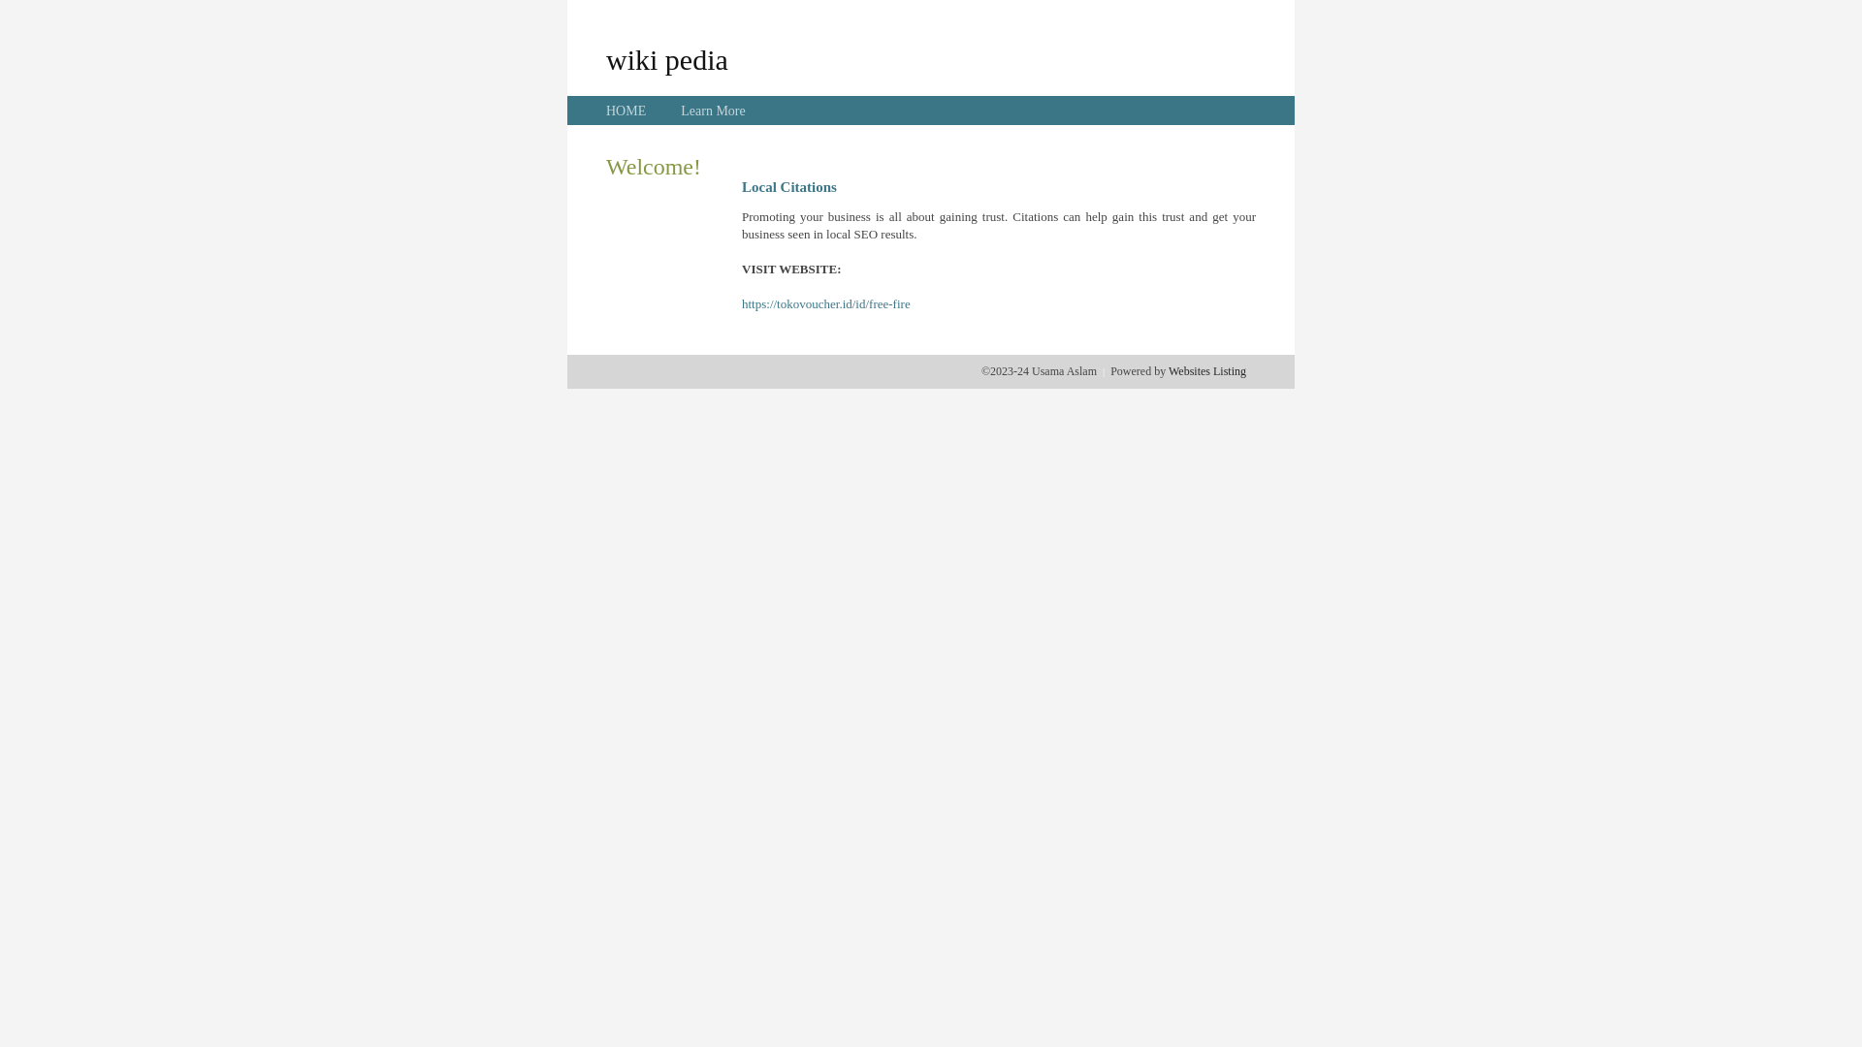 Image resolution: width=1862 pixels, height=1047 pixels. Describe the element at coordinates (825, 303) in the screenshot. I see `'https://tokovoucher.id/id/free-fire'` at that location.